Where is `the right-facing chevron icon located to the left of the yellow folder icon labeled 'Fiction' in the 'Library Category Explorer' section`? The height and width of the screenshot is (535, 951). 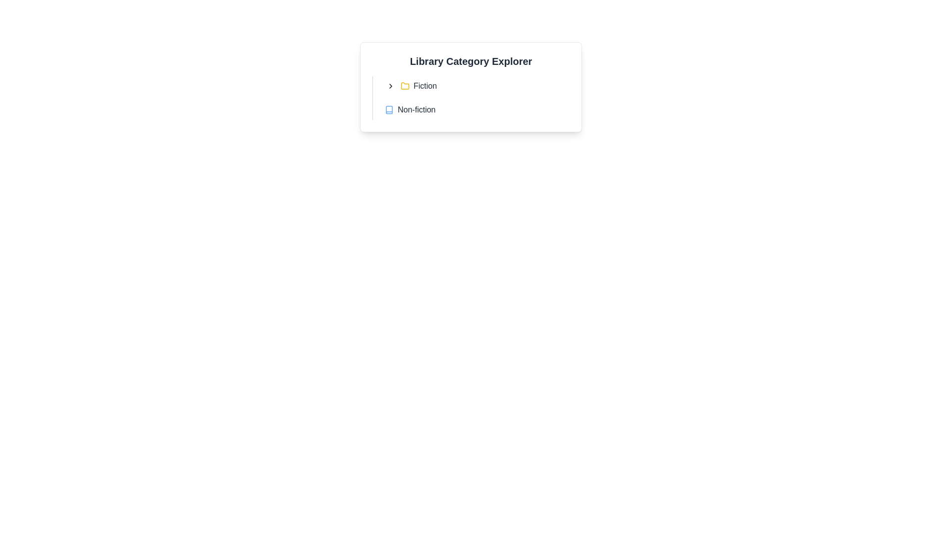 the right-facing chevron icon located to the left of the yellow folder icon labeled 'Fiction' in the 'Library Category Explorer' section is located at coordinates (390, 85).